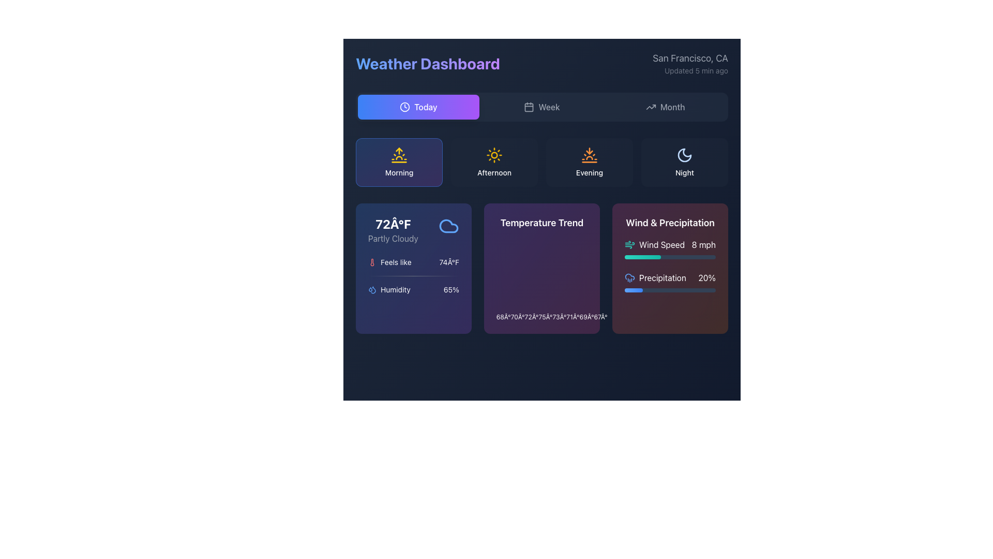 The height and width of the screenshot is (559, 993). What do you see at coordinates (449, 225) in the screenshot?
I see `the cloud-shaped icon with a hollow center, outlined in blue, located in the top right corner of the 'Partly Cloudy' section of the Weather Dashboard` at bounding box center [449, 225].